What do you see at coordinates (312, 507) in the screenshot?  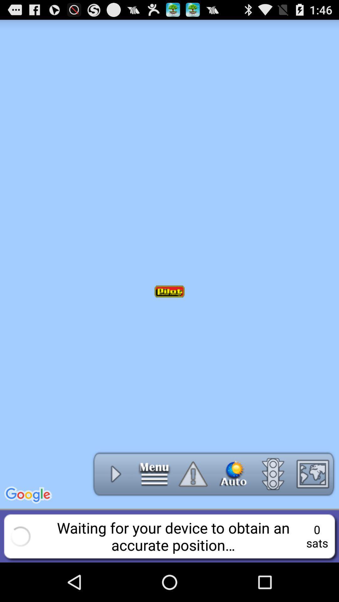 I see `the wallpaper icon` at bounding box center [312, 507].